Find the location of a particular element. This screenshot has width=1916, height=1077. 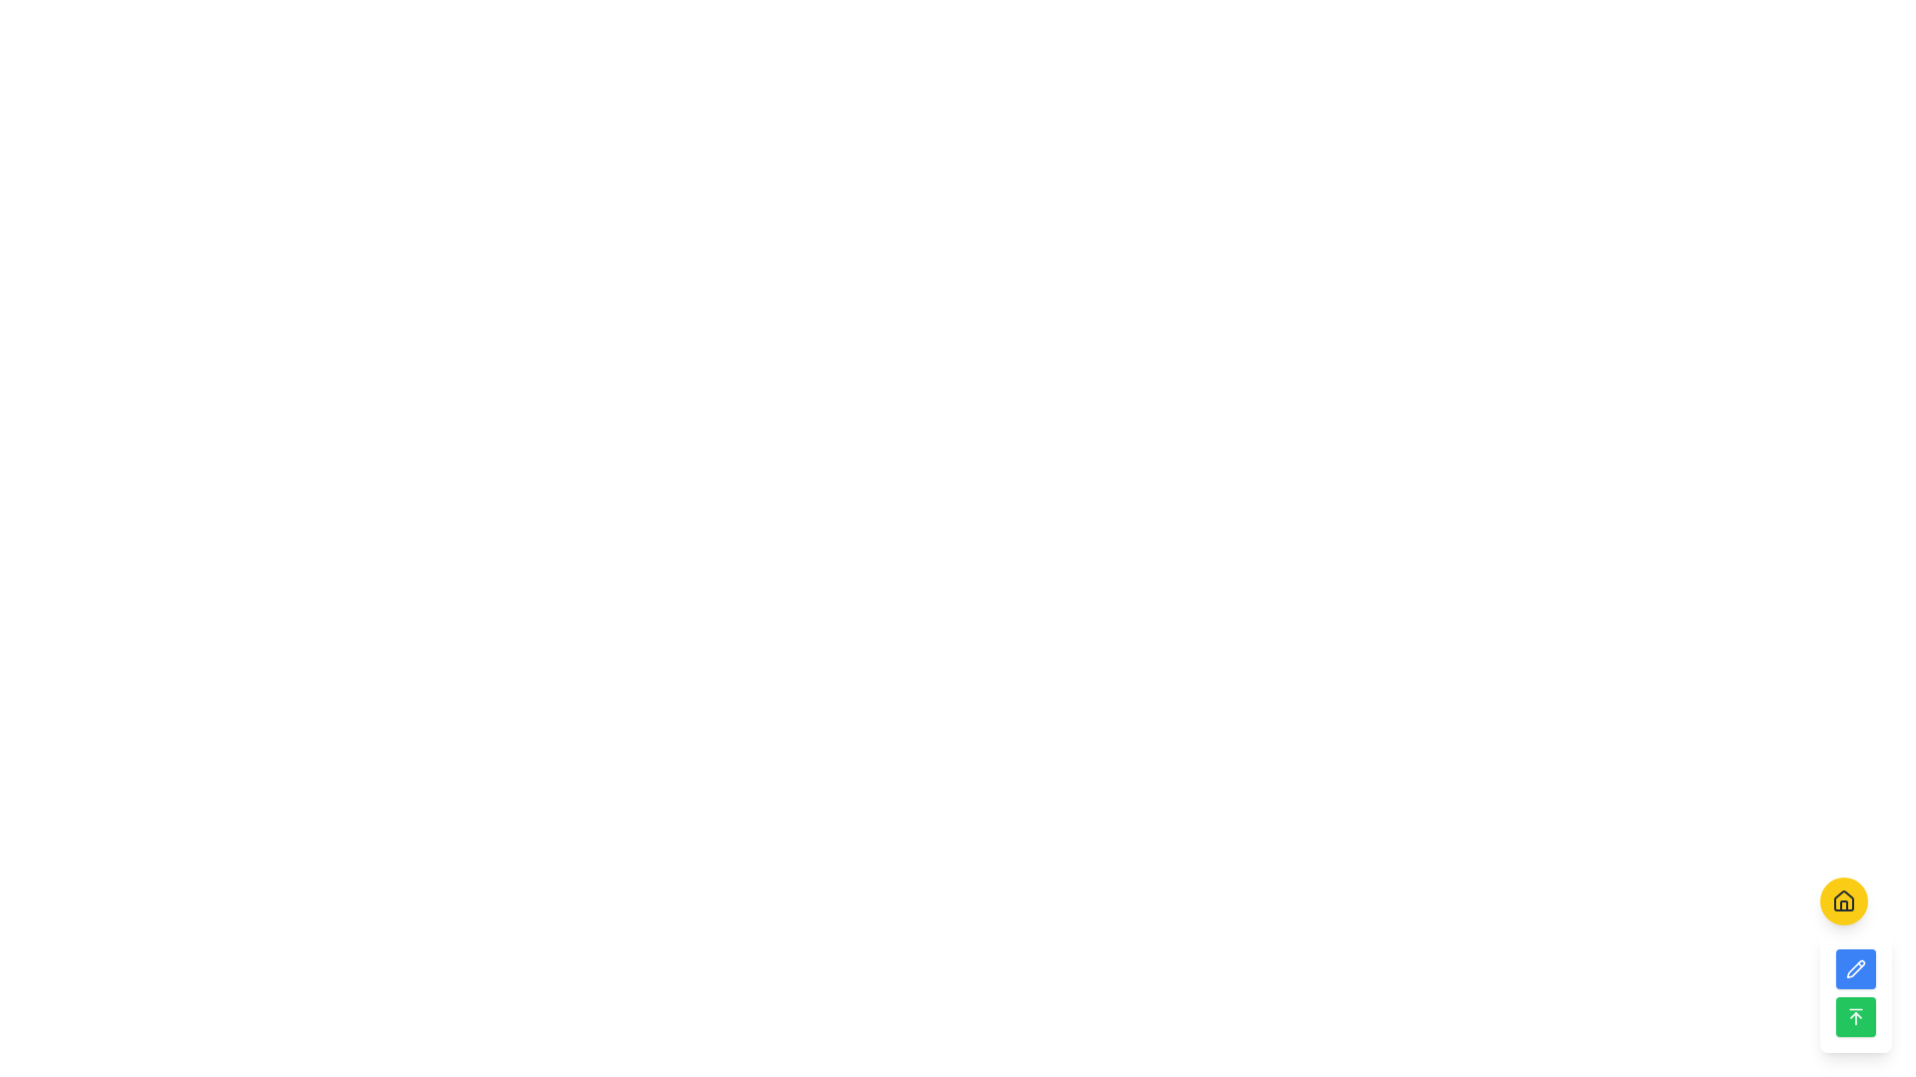

the blue square button with rounded corners that has a white pencil icon in the middle is located at coordinates (1855, 964).